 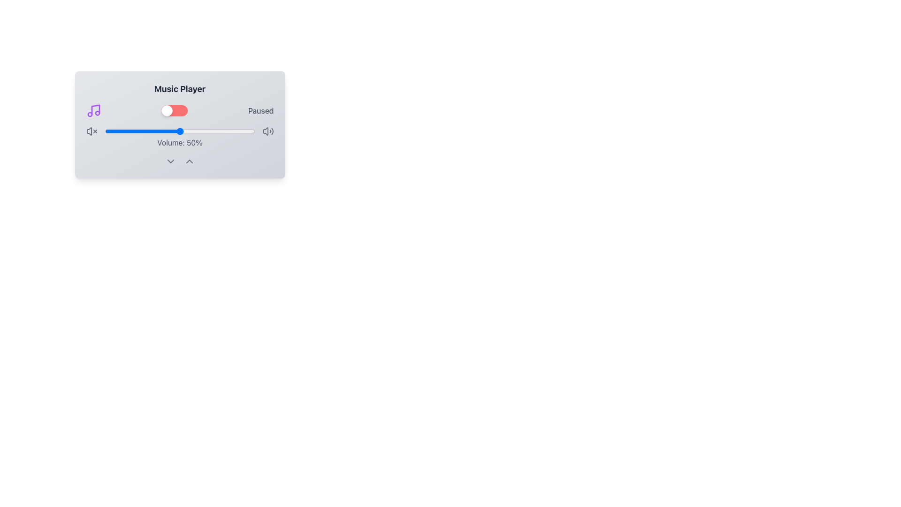 What do you see at coordinates (224, 131) in the screenshot?
I see `the volume` at bounding box center [224, 131].